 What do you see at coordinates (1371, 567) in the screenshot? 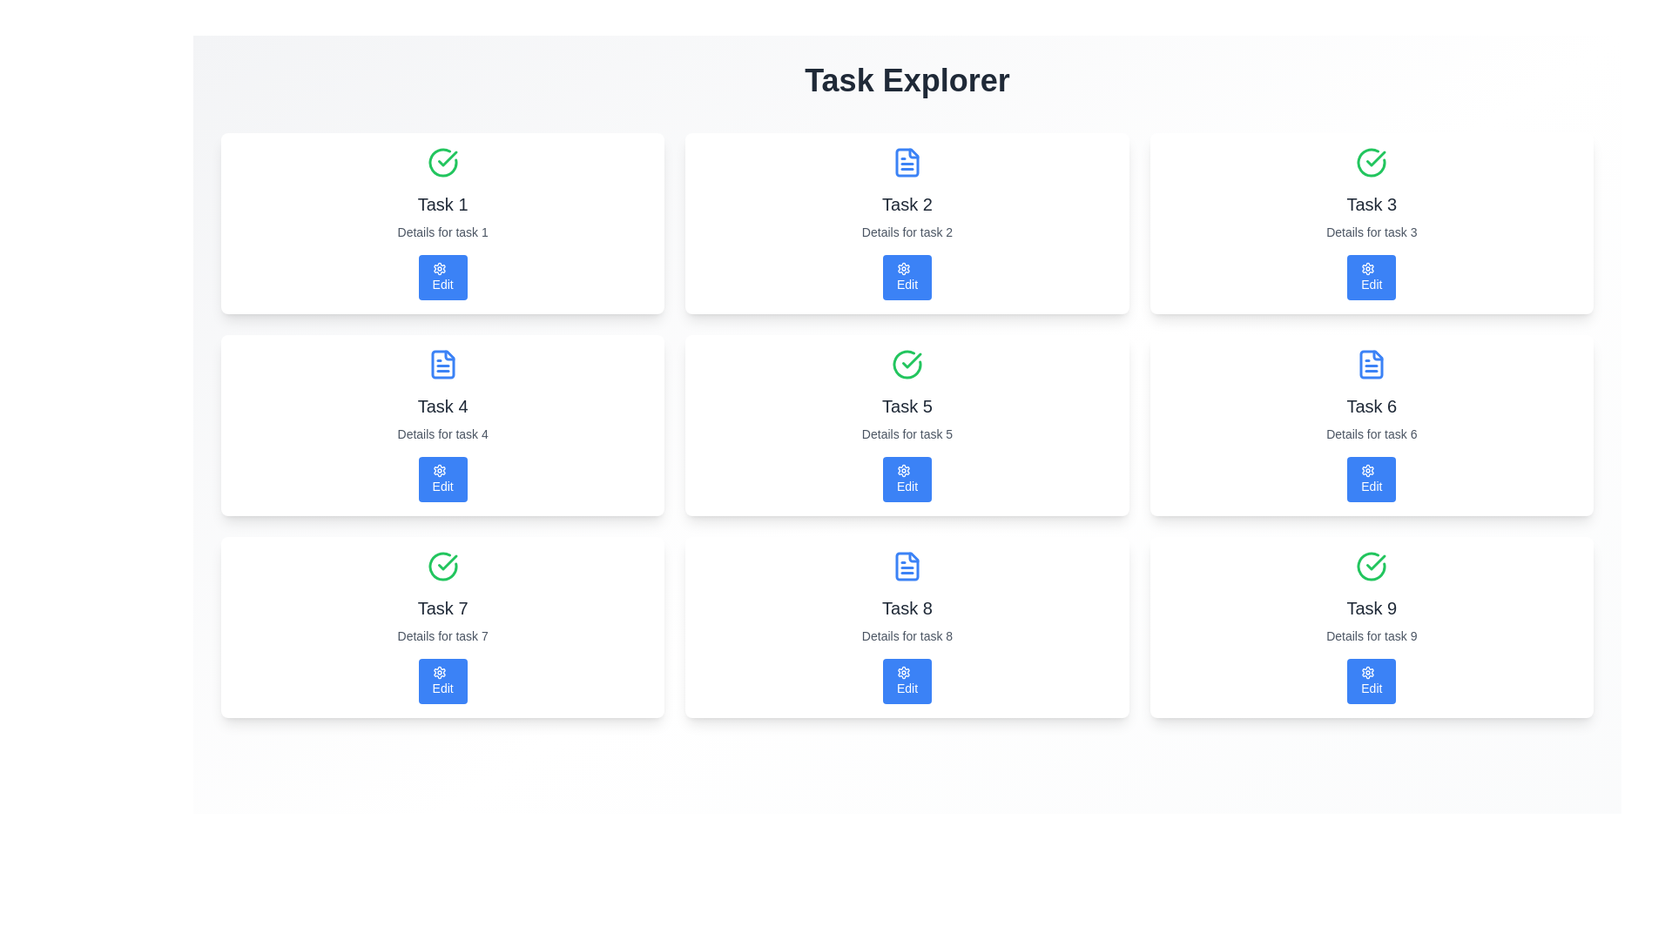
I see `the circular checkmark vector icon located to the left of the text 'Task 9' at the top of the associated card` at bounding box center [1371, 567].